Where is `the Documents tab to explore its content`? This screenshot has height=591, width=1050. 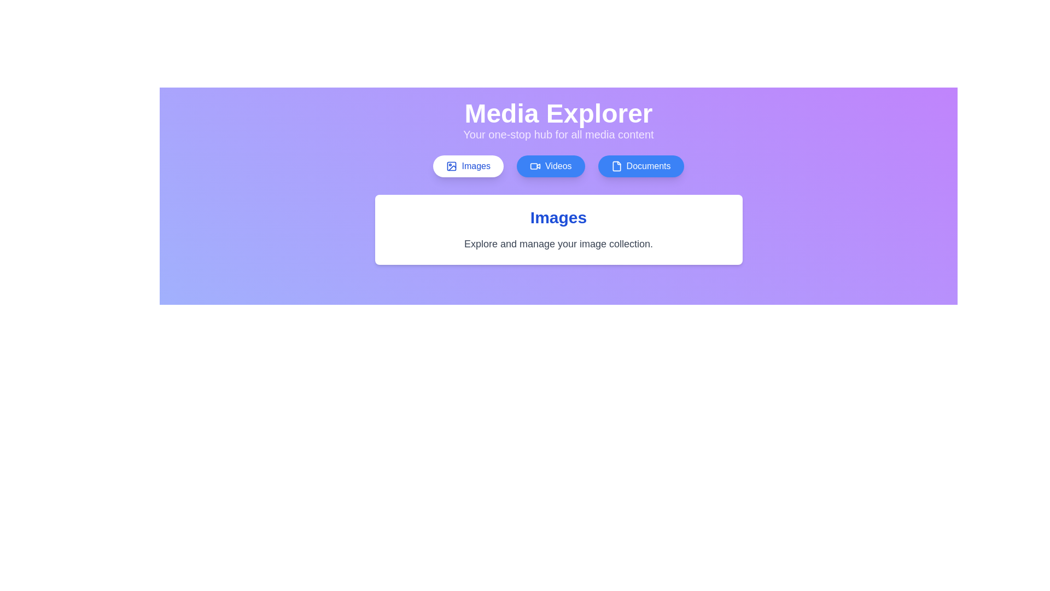
the Documents tab to explore its content is located at coordinates (640, 166).